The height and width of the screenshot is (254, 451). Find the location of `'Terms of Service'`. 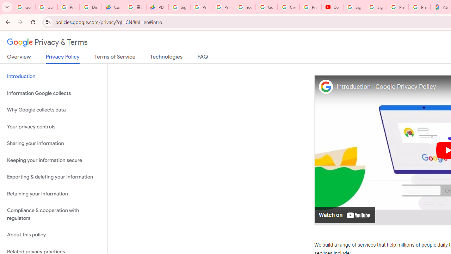

'Terms of Service' is located at coordinates (115, 58).